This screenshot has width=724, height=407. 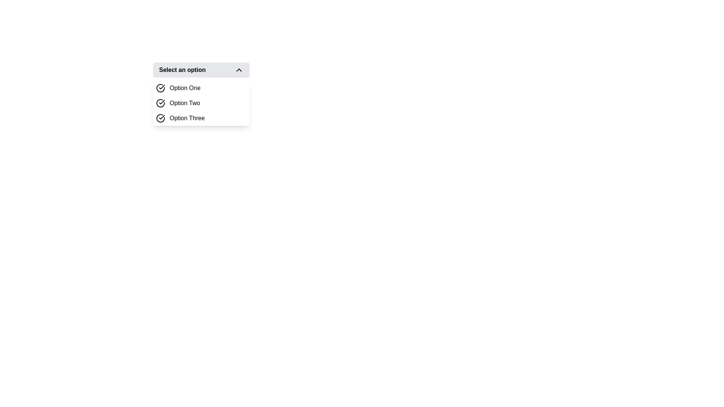 What do you see at coordinates (201, 103) in the screenshot?
I see `an option in the dropdown menu located directly beneath the 'Select an option' button, which allows the user` at bounding box center [201, 103].